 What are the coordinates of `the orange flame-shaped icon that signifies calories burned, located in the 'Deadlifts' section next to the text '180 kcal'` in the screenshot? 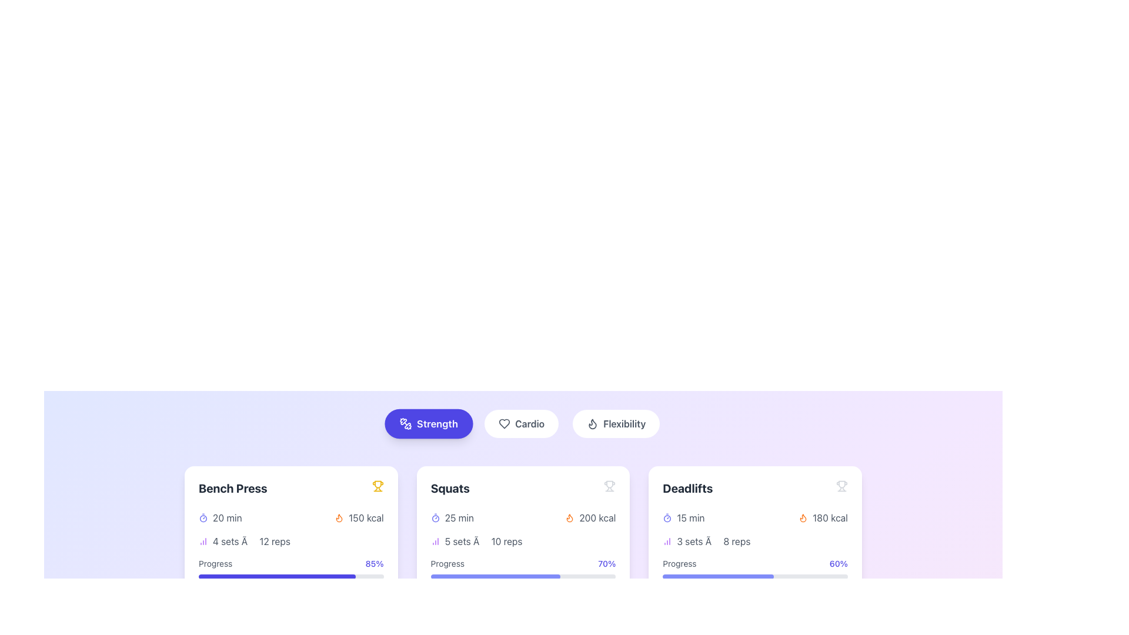 It's located at (803, 517).